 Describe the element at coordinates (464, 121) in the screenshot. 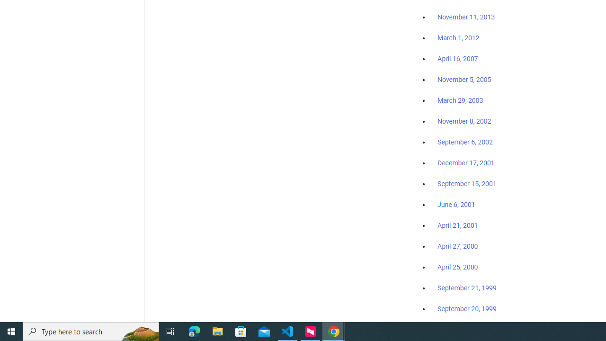

I see `'November 8, 2002'` at that location.